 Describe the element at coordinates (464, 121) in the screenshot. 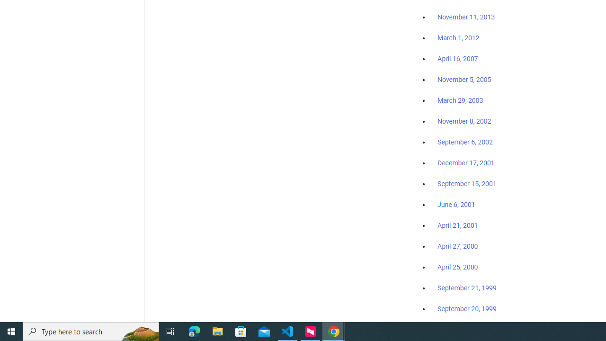

I see `'November 8, 2002'` at that location.